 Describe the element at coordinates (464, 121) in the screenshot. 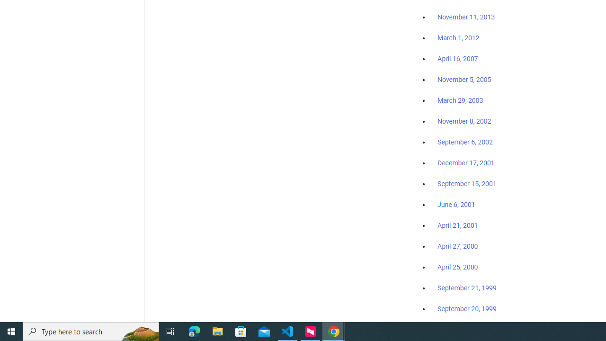

I see `'November 8, 2002'` at that location.